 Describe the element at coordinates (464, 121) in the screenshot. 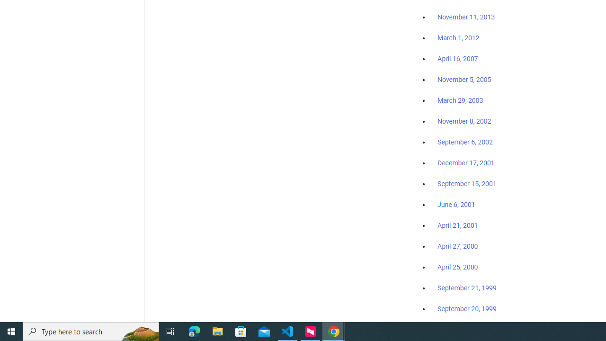

I see `'November 8, 2002'` at that location.